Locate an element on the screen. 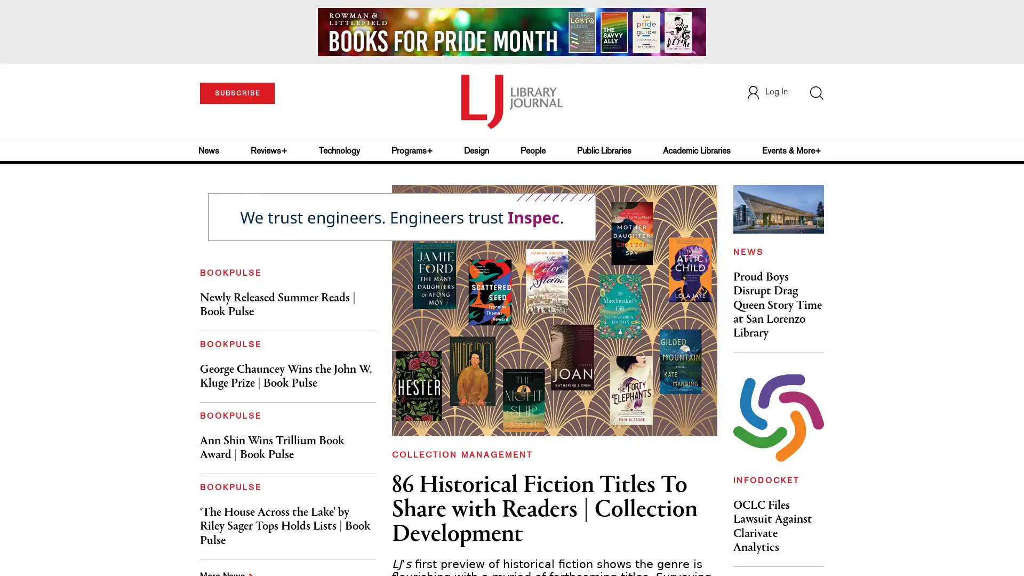  SUBSCRIBE is located at coordinates (237, 92).